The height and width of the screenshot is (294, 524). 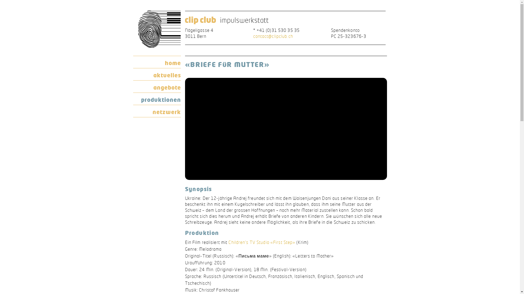 What do you see at coordinates (133, 86) in the screenshot?
I see `'angebote'` at bounding box center [133, 86].